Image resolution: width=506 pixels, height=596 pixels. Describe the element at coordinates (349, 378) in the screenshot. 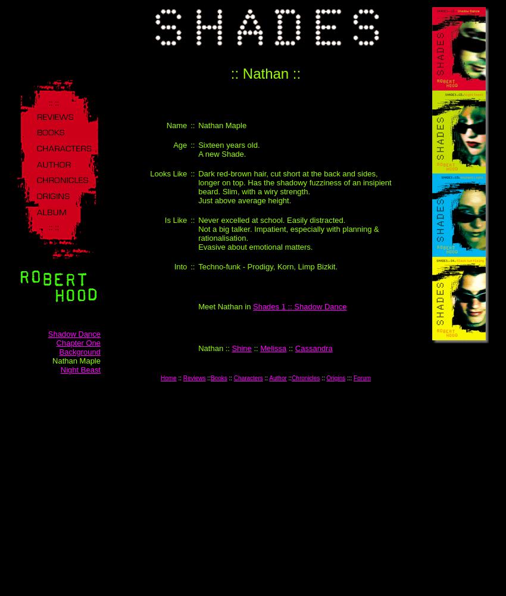

I see `':::'` at that location.